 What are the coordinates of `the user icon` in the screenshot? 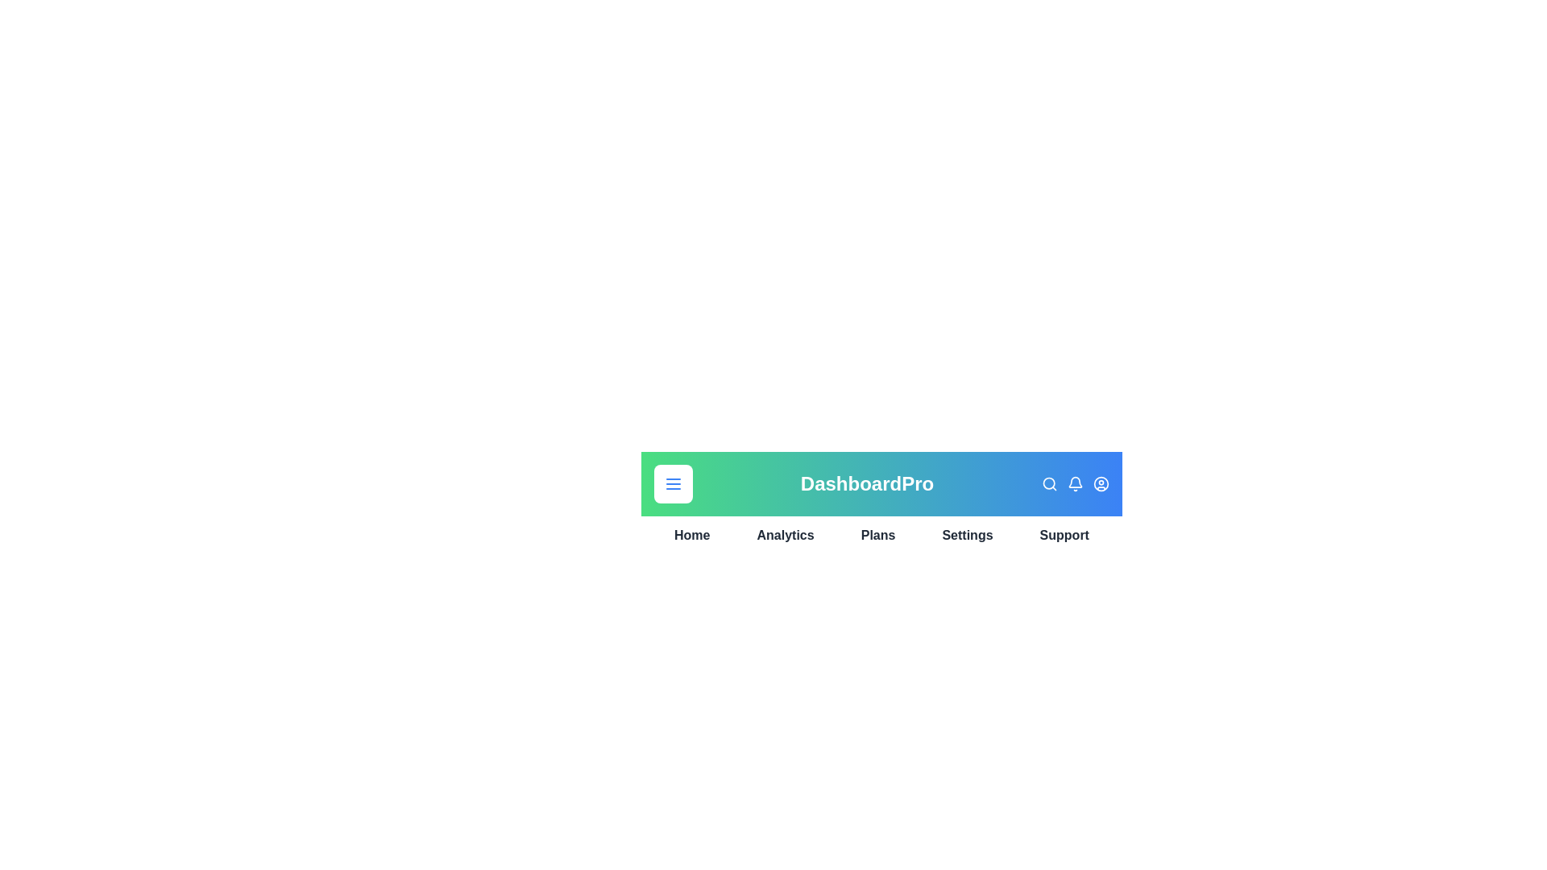 It's located at (1101, 483).